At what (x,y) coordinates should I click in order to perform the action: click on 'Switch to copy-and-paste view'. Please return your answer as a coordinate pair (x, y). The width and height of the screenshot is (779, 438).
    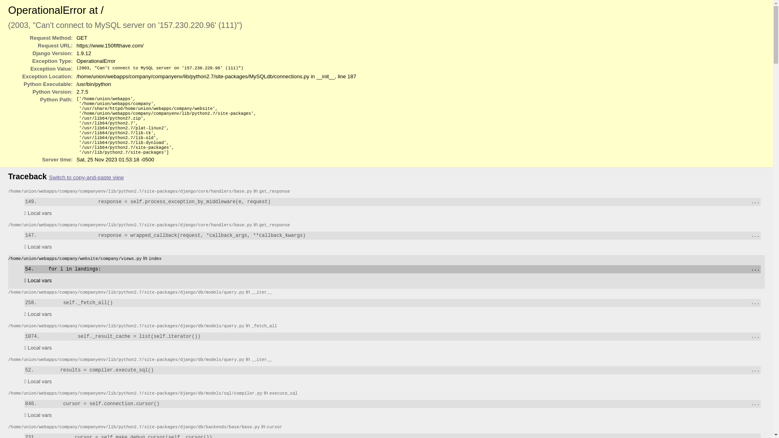
    Looking at the image, I should click on (86, 177).